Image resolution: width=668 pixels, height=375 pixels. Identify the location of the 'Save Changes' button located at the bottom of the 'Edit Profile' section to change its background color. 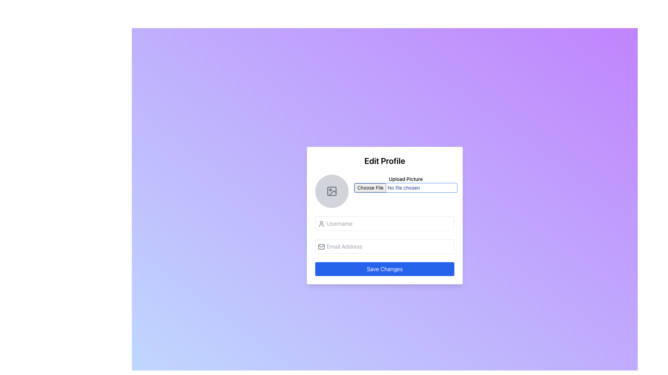
(384, 269).